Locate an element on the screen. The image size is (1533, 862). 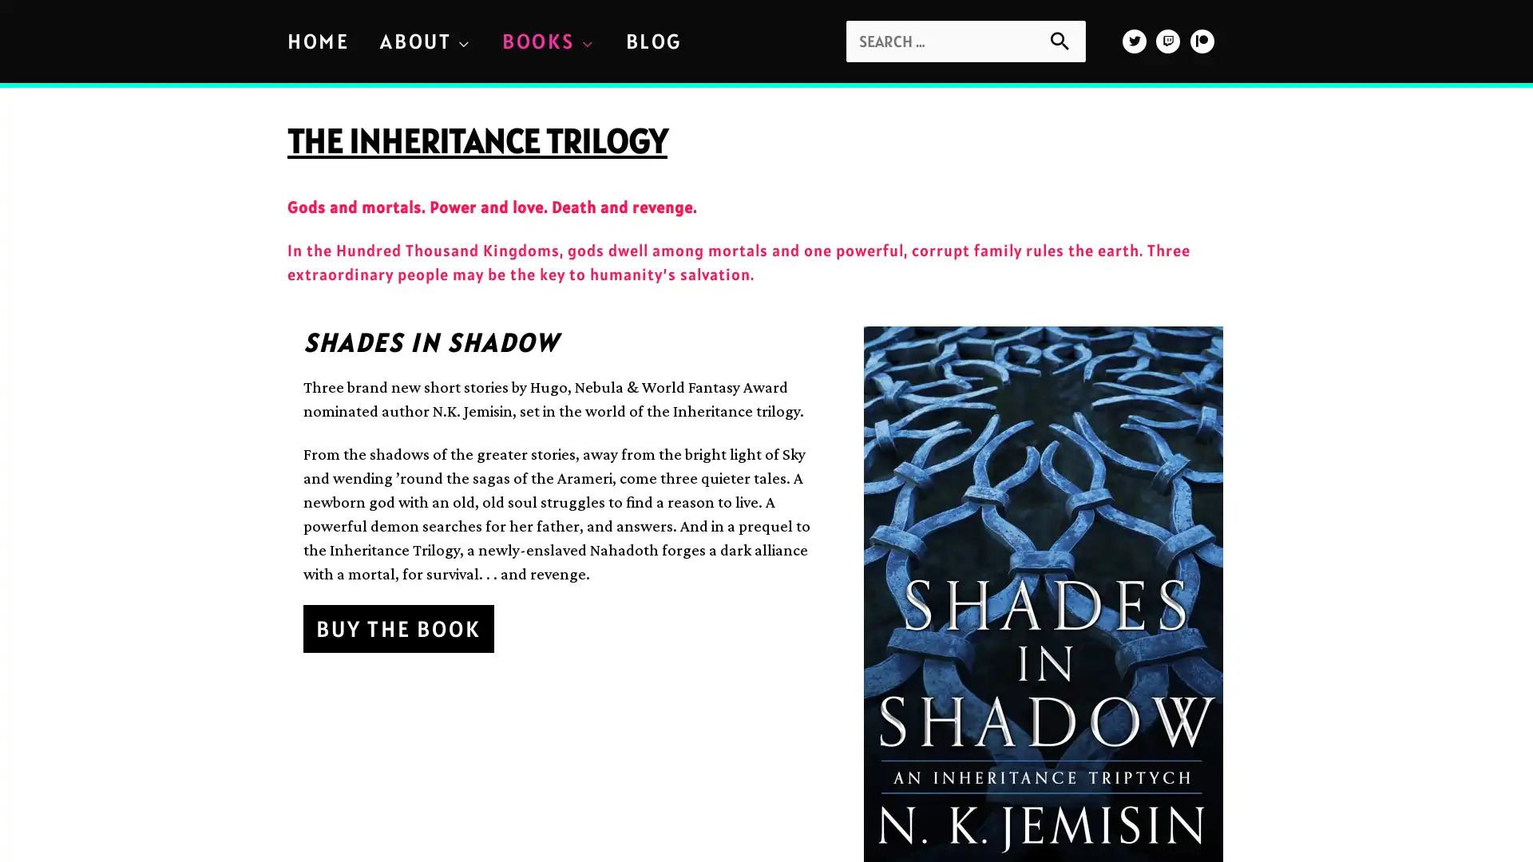
Search is located at coordinates (1068, 38).